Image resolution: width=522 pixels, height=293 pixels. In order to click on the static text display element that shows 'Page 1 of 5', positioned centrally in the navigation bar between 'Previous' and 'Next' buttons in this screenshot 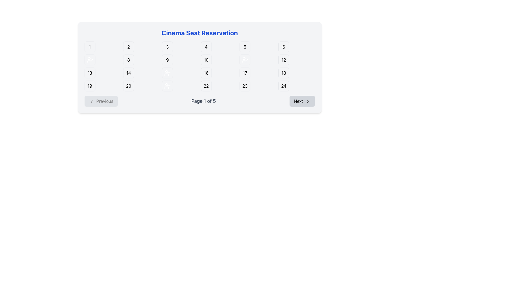, I will do `click(203, 101)`.